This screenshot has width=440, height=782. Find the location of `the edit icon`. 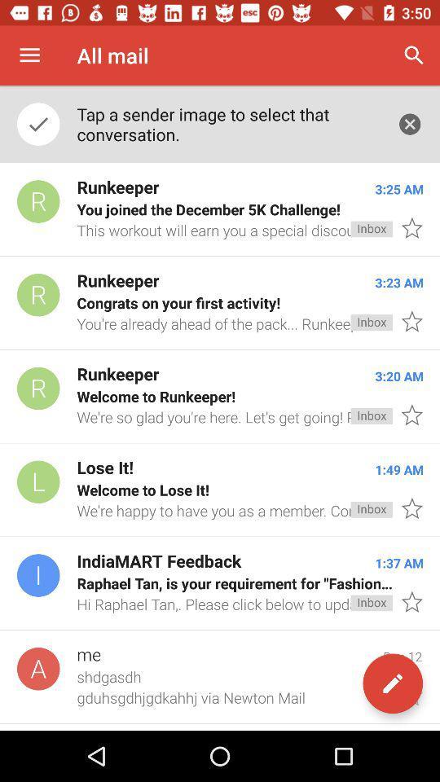

the edit icon is located at coordinates (392, 683).